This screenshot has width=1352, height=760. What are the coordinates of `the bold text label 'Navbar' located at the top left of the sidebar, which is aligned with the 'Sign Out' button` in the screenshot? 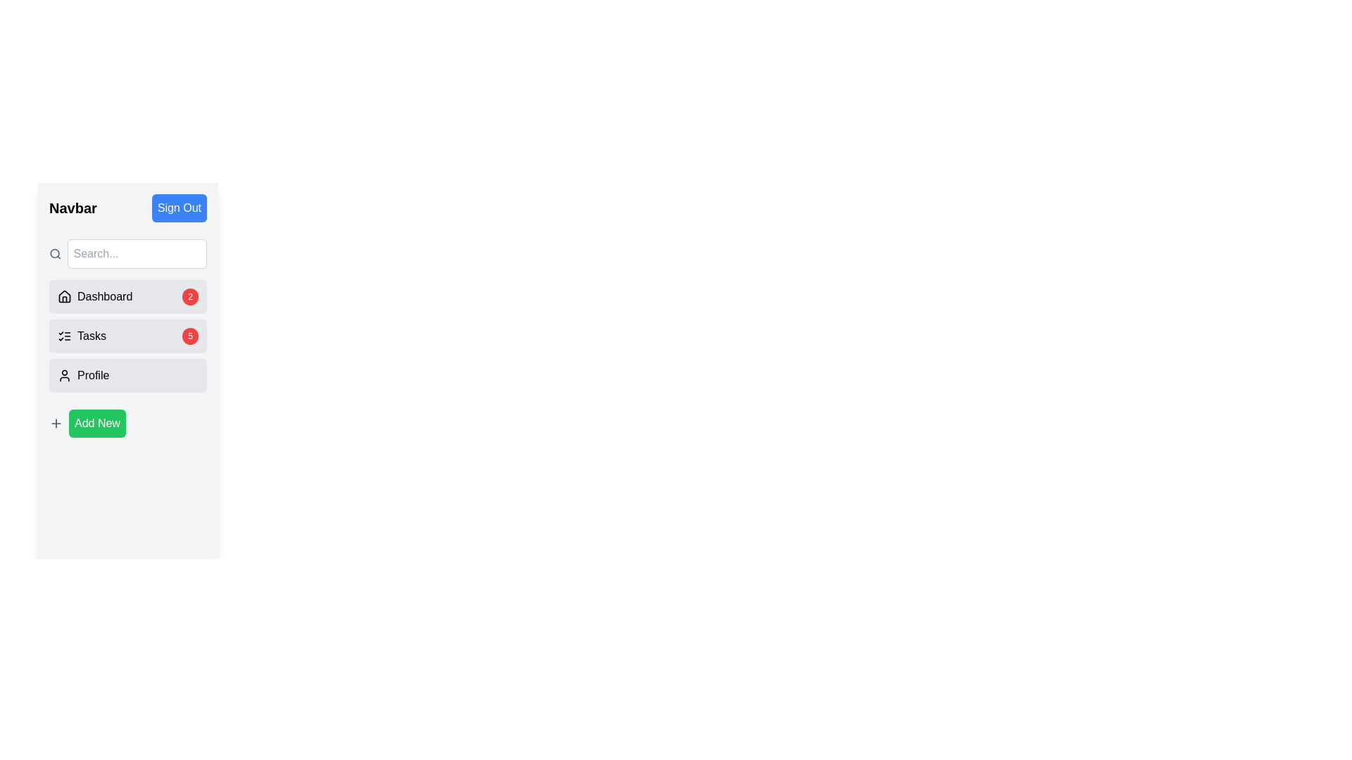 It's located at (72, 208).